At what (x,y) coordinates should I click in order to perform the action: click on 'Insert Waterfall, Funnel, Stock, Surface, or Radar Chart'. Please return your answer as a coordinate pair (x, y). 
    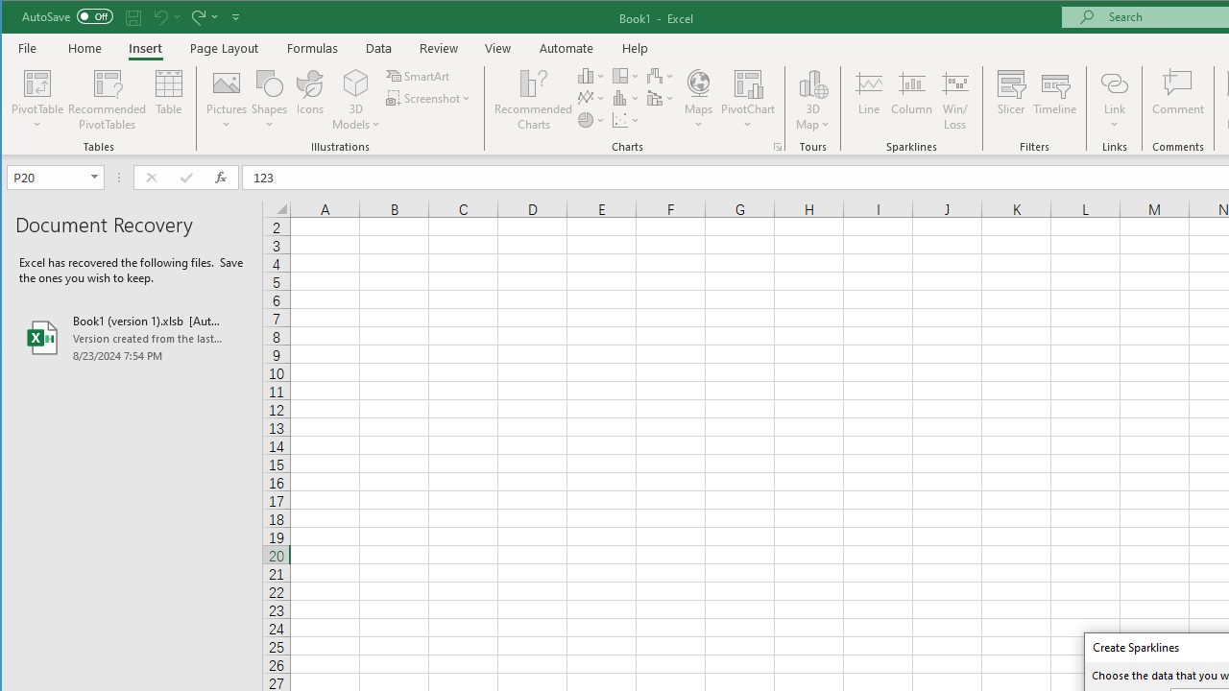
    Looking at the image, I should click on (661, 75).